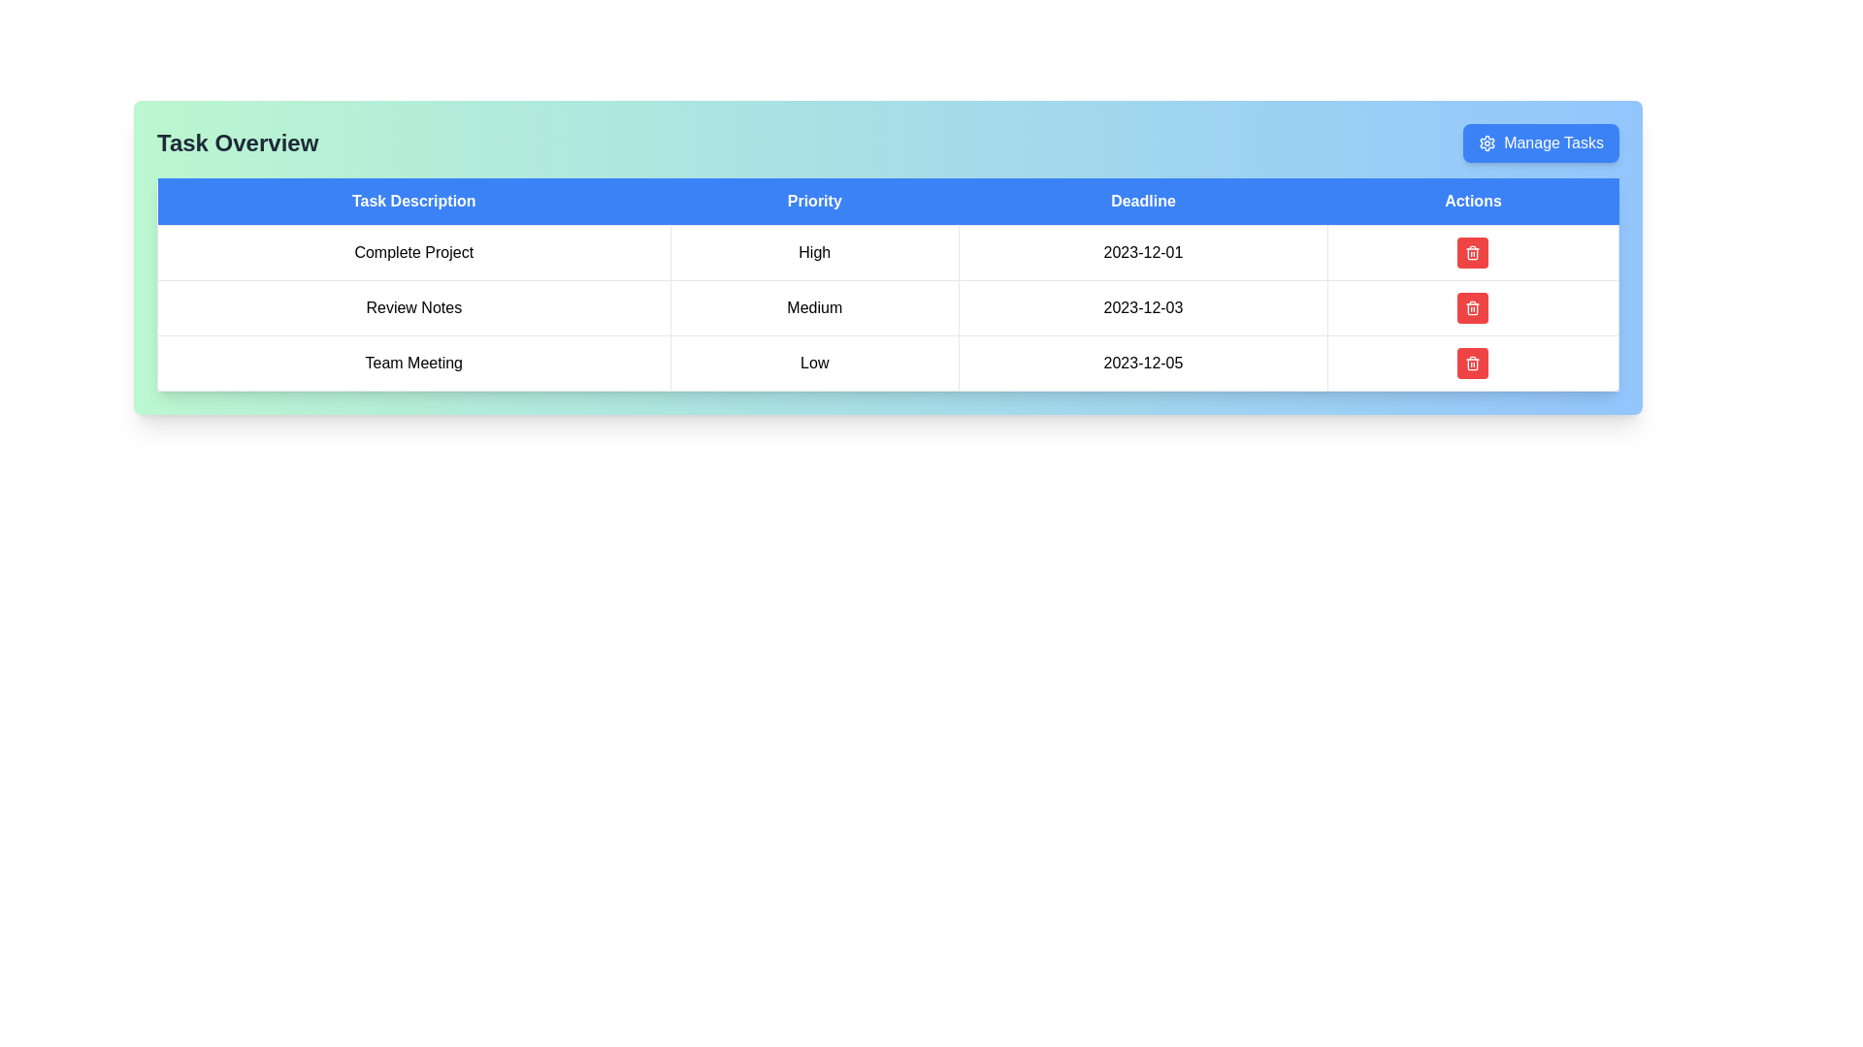  Describe the element at coordinates (1473, 306) in the screenshot. I see `the square red button with a trash icon in the 'Actions' column of the table, corresponding to the task with a deadline of '2023-12-03'` at that location.